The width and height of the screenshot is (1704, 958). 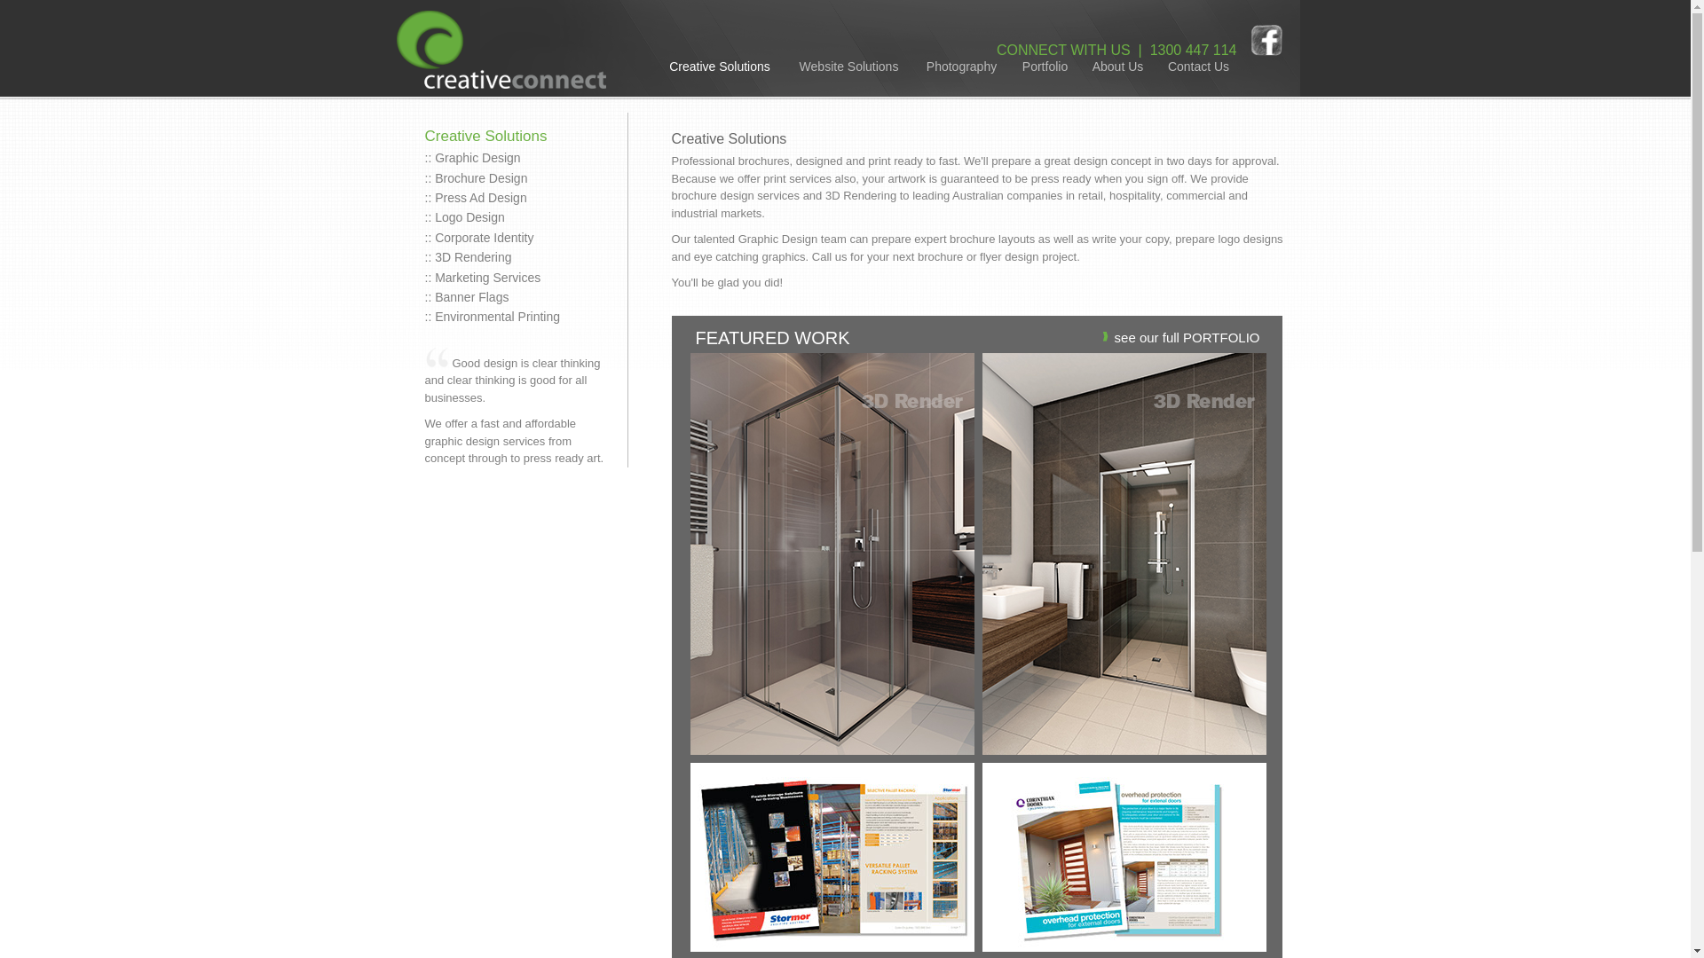 What do you see at coordinates (475, 198) in the screenshot?
I see `':: Press Ad Design'` at bounding box center [475, 198].